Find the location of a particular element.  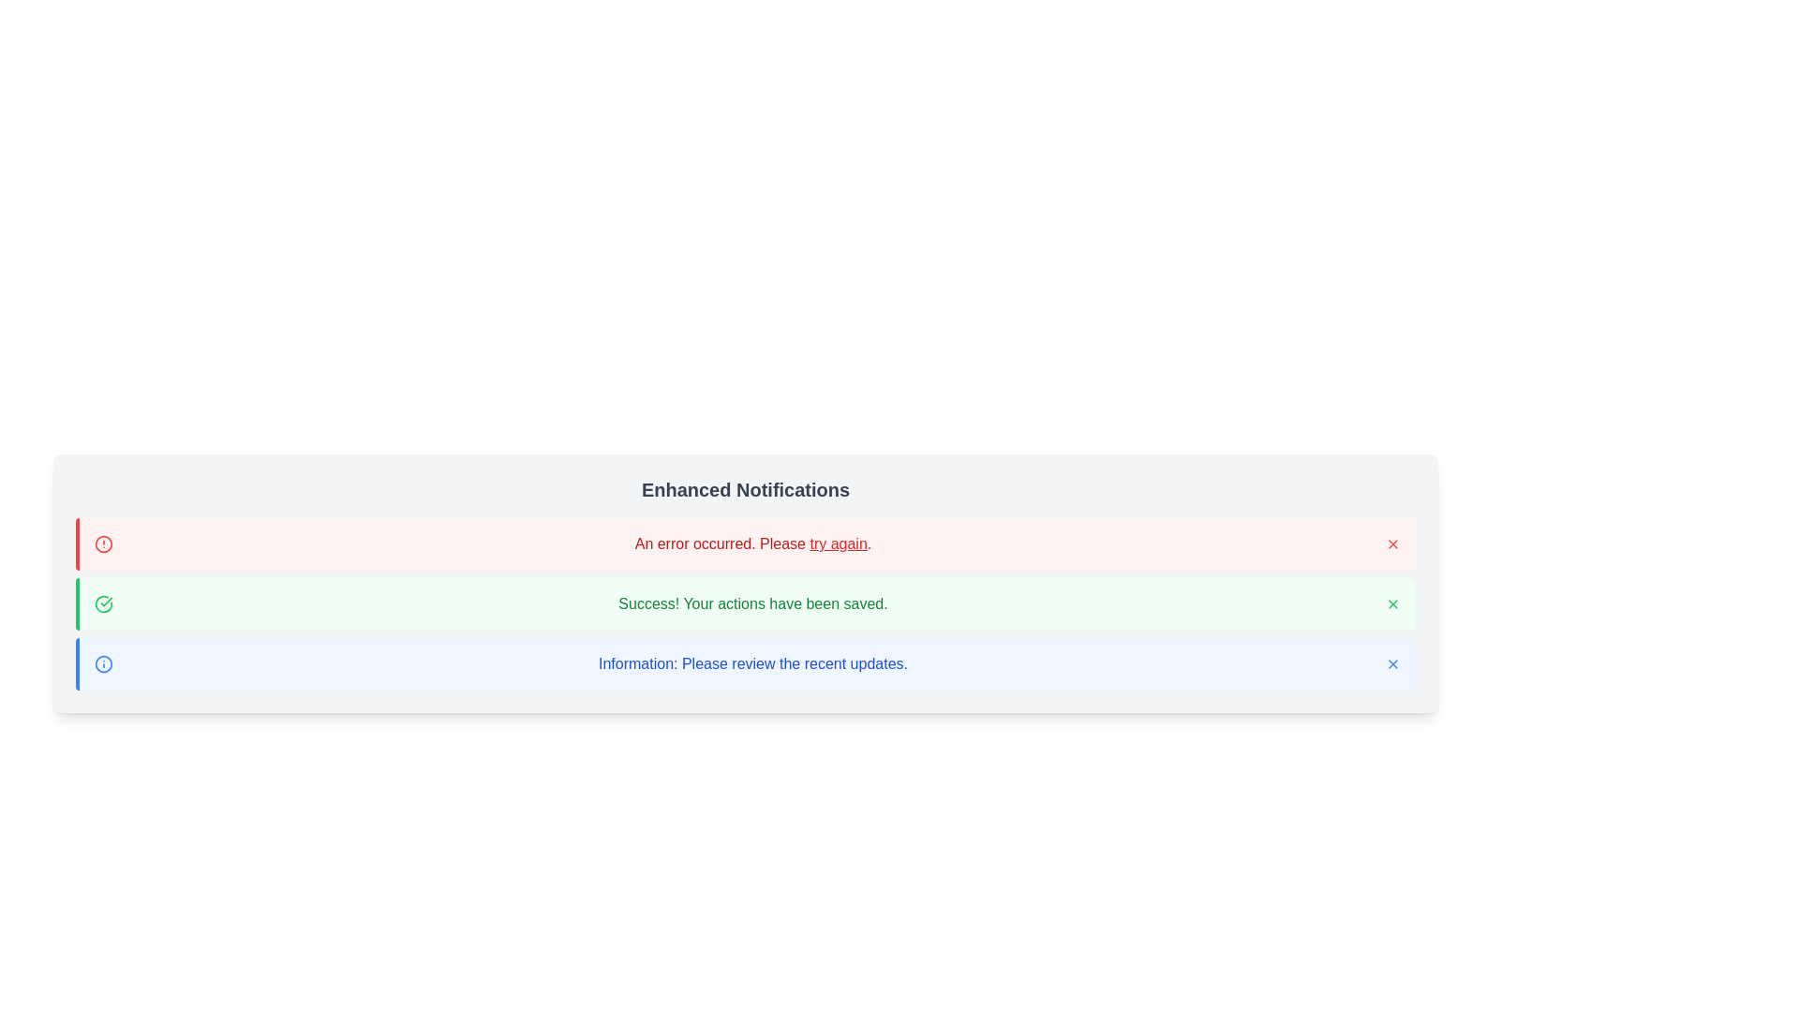

the circular checkmark icon with a green outline located in the second notification block from the top, adjacent to the text 'Success! Your actions have been saved.' is located at coordinates (102, 603).